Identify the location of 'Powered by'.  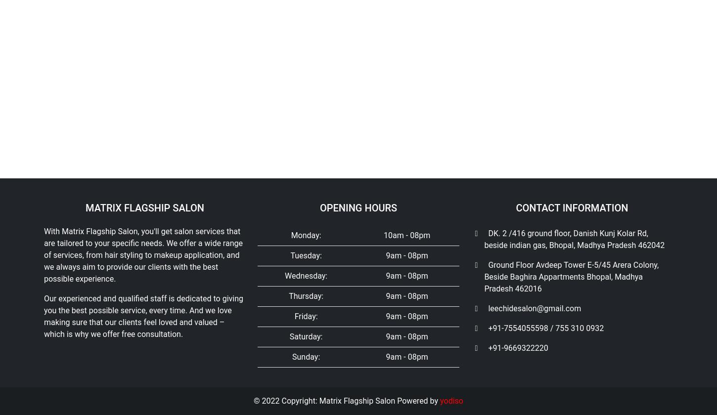
(418, 153).